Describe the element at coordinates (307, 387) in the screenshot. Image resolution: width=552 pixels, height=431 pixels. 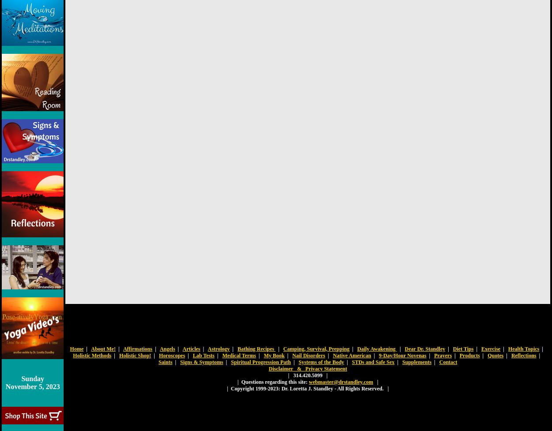
I see `'|  Copyright 1999-2023: Dr. Loretta J. Standley - All Rights Reserved.   |'` at that location.